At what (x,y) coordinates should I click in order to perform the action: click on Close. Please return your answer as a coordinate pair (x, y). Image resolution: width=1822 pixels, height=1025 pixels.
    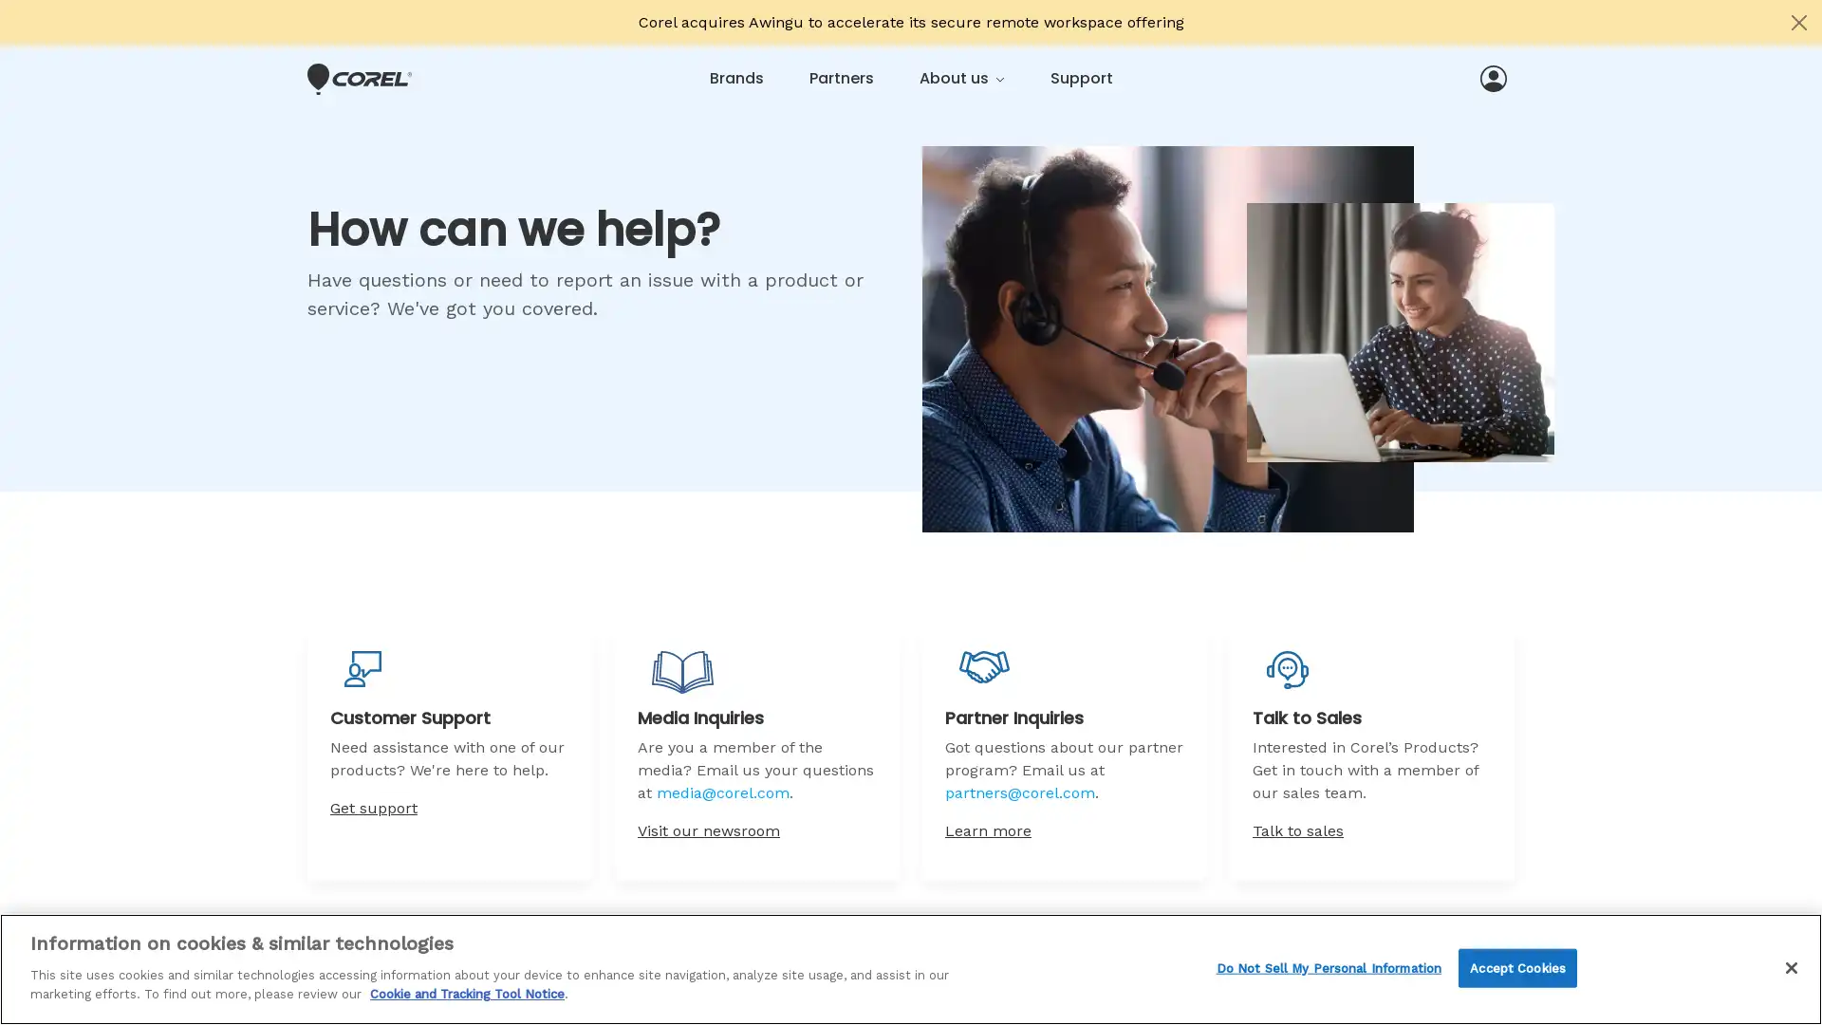
    Looking at the image, I should click on (1790, 966).